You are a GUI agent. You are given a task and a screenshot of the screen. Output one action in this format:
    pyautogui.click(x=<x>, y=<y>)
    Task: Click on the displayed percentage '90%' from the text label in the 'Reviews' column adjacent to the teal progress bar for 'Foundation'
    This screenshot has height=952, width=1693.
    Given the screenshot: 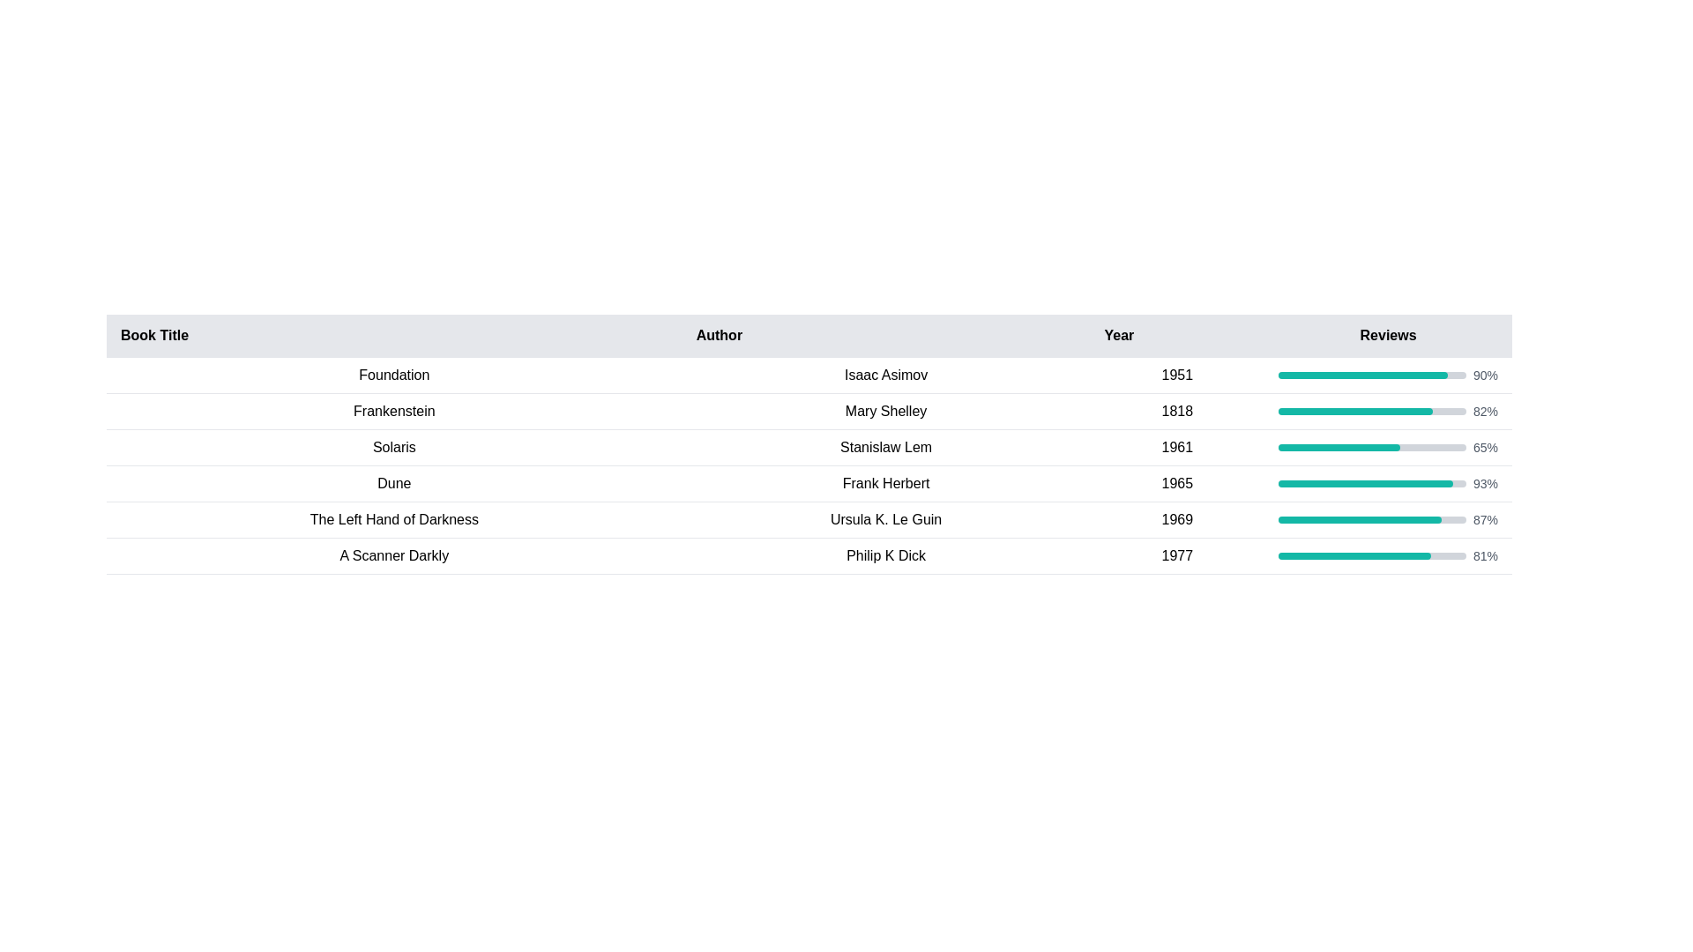 What is the action you would take?
    pyautogui.click(x=1484, y=374)
    